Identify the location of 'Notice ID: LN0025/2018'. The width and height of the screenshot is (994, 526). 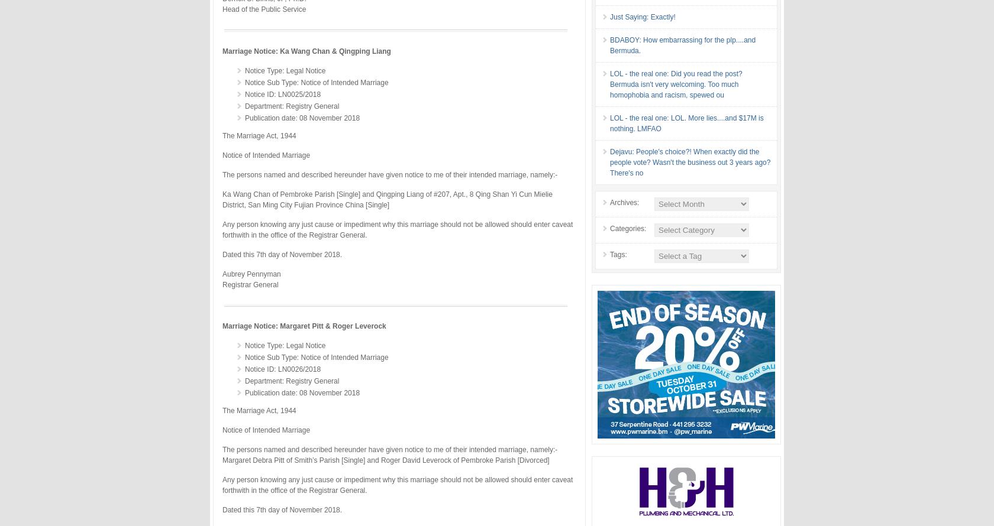
(282, 94).